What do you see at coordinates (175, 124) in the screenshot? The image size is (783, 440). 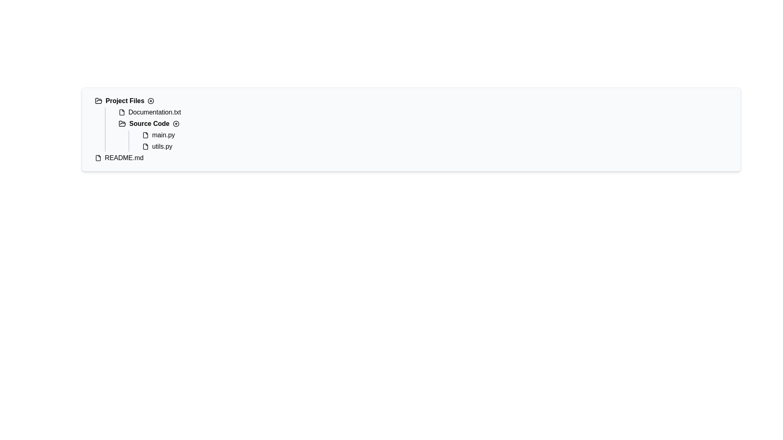 I see `the circular '+' icon located to the right of the 'Source Code' label` at bounding box center [175, 124].